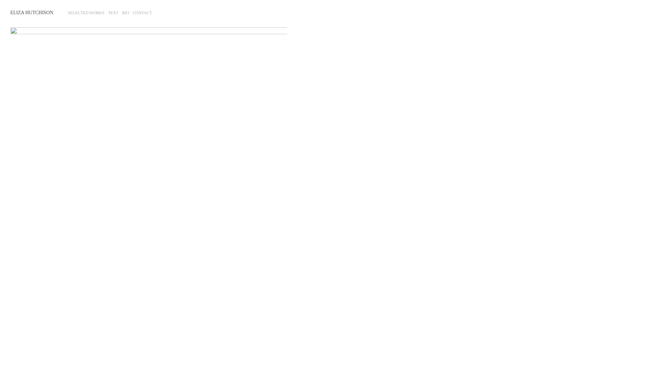  I want to click on 'CONTACT', so click(142, 13).